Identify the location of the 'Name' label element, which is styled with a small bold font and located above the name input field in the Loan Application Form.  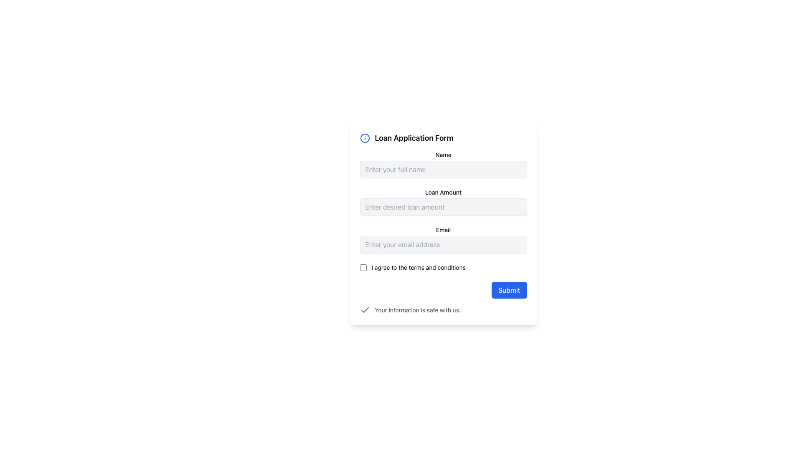
(443, 155).